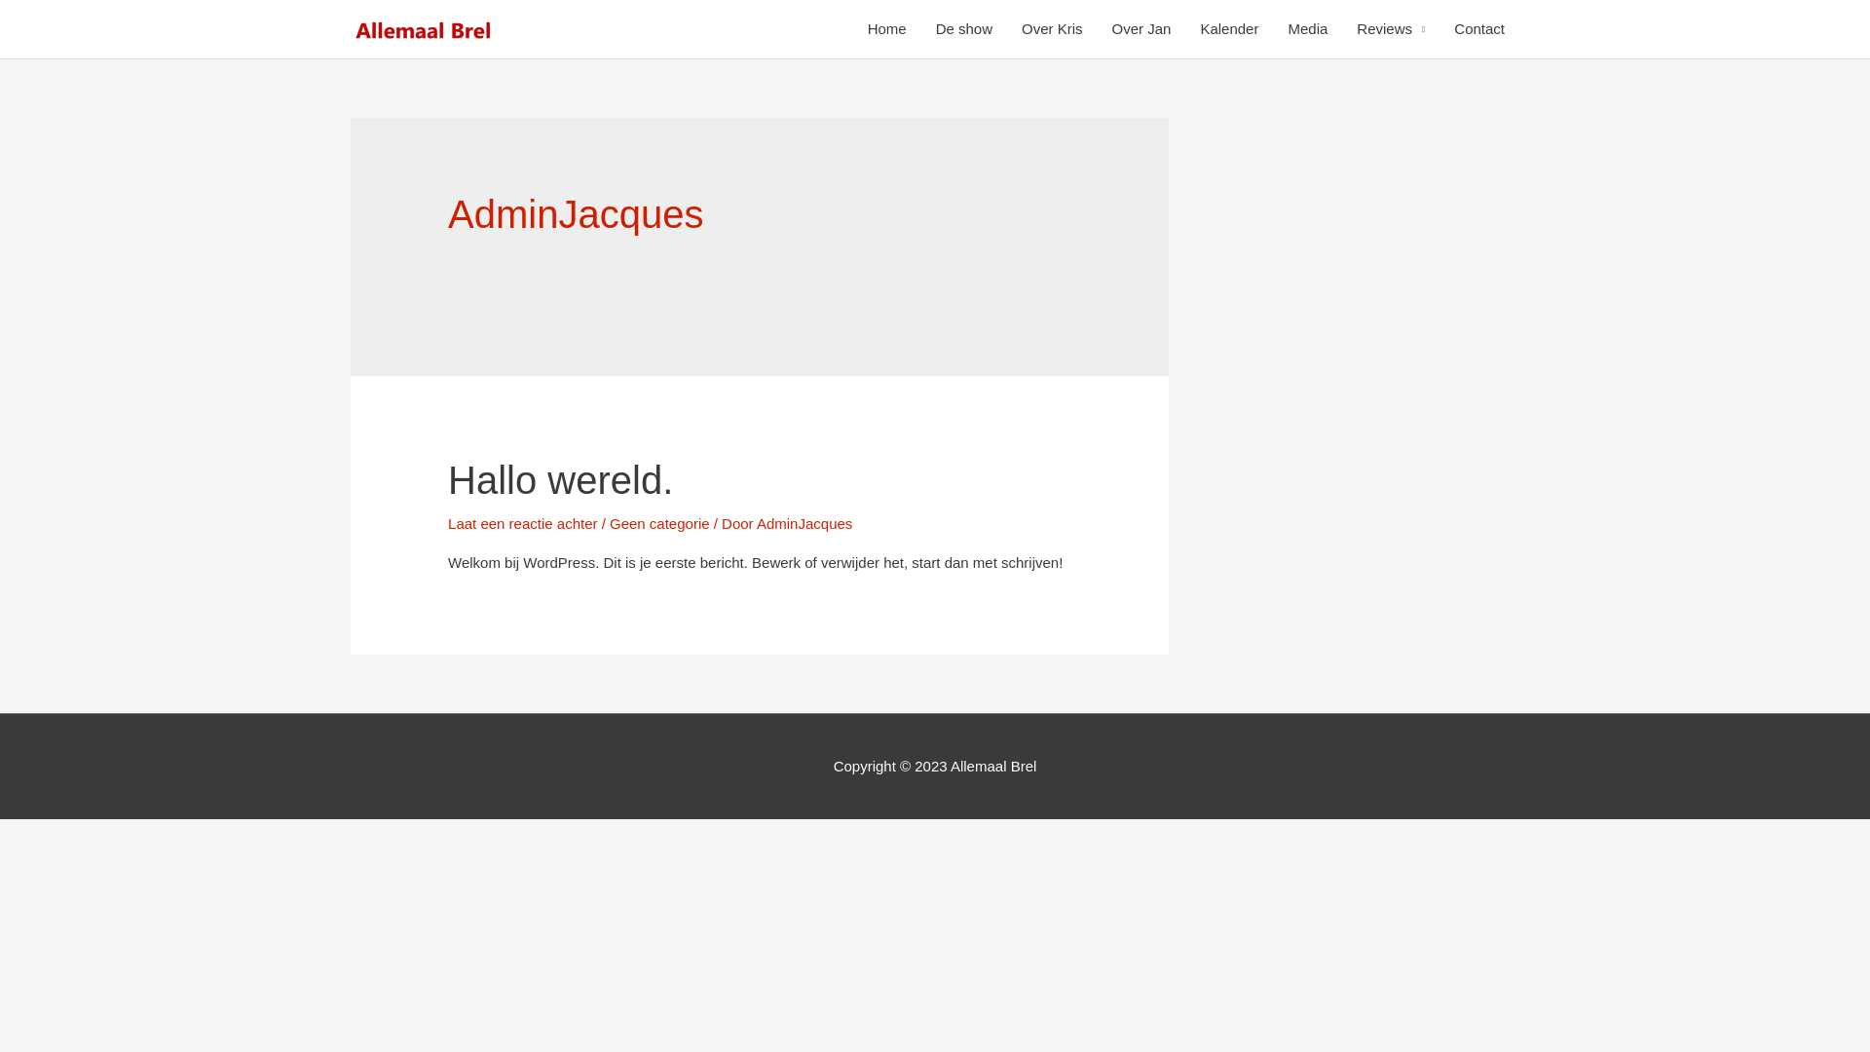  Describe the element at coordinates (886, 29) in the screenshot. I see `'Home'` at that location.